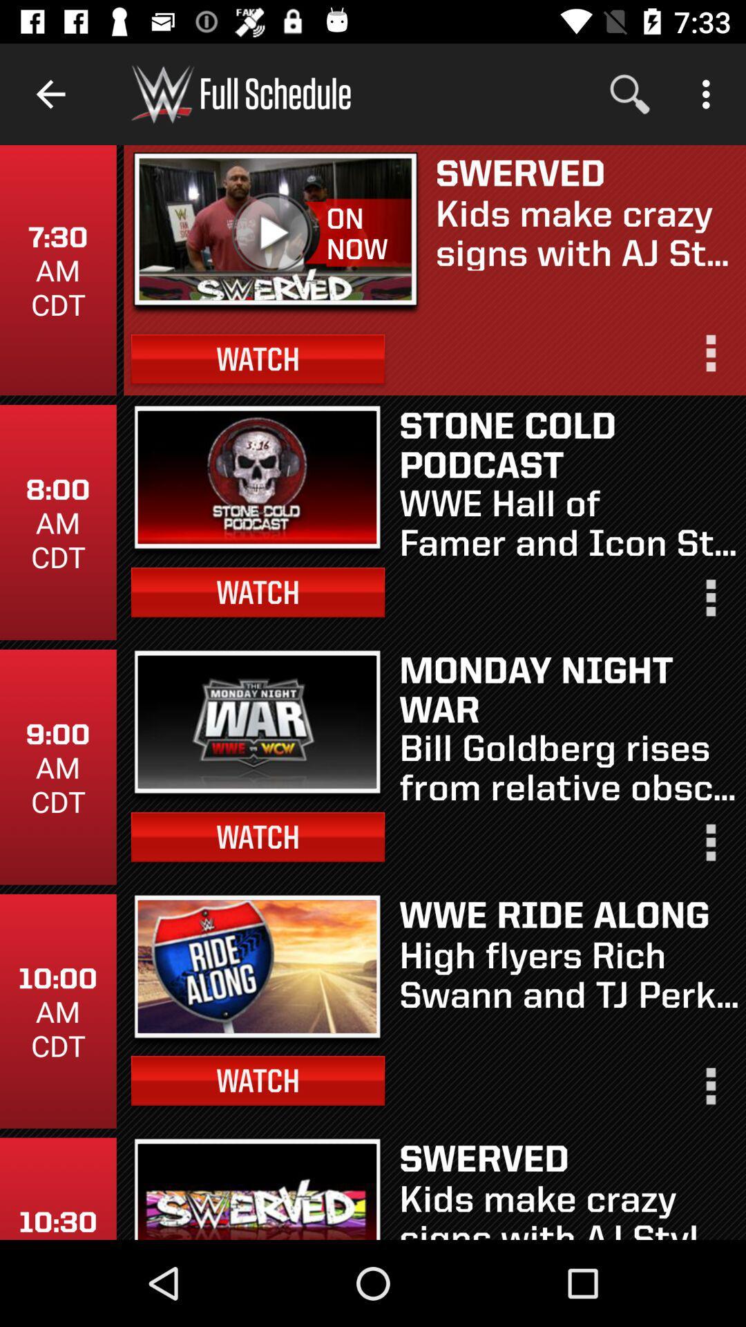 The image size is (746, 1327). I want to click on monday night war, so click(568, 688).